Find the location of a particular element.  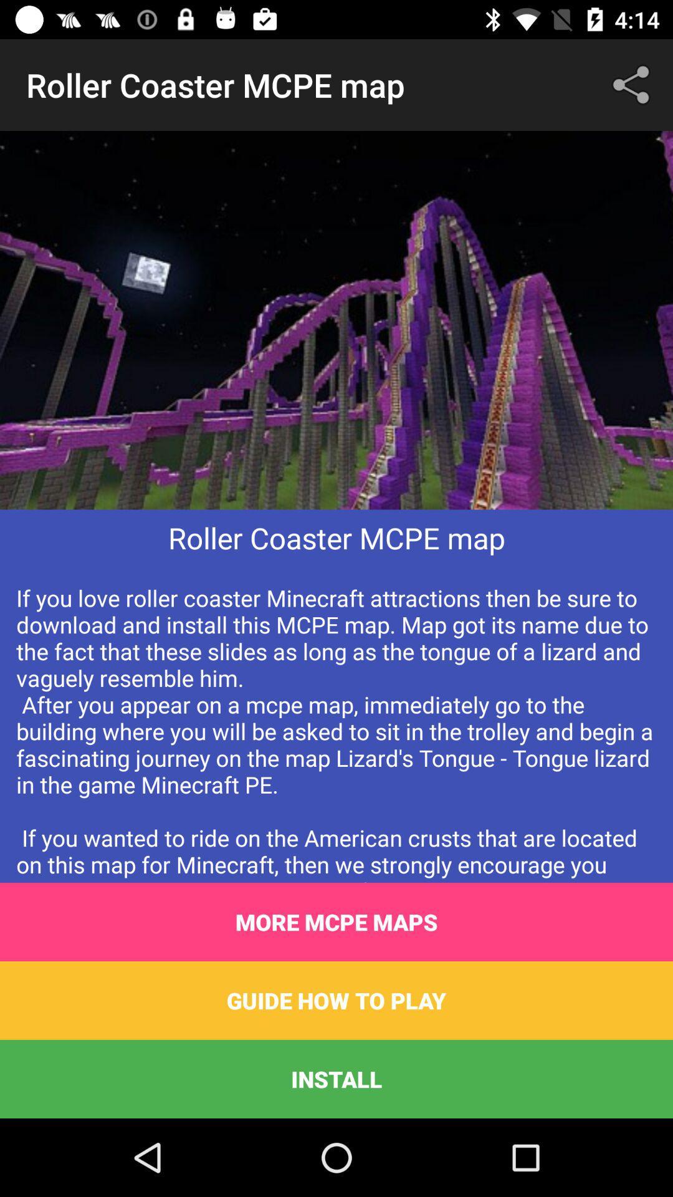

item above the guide how to item is located at coordinates (336, 921).